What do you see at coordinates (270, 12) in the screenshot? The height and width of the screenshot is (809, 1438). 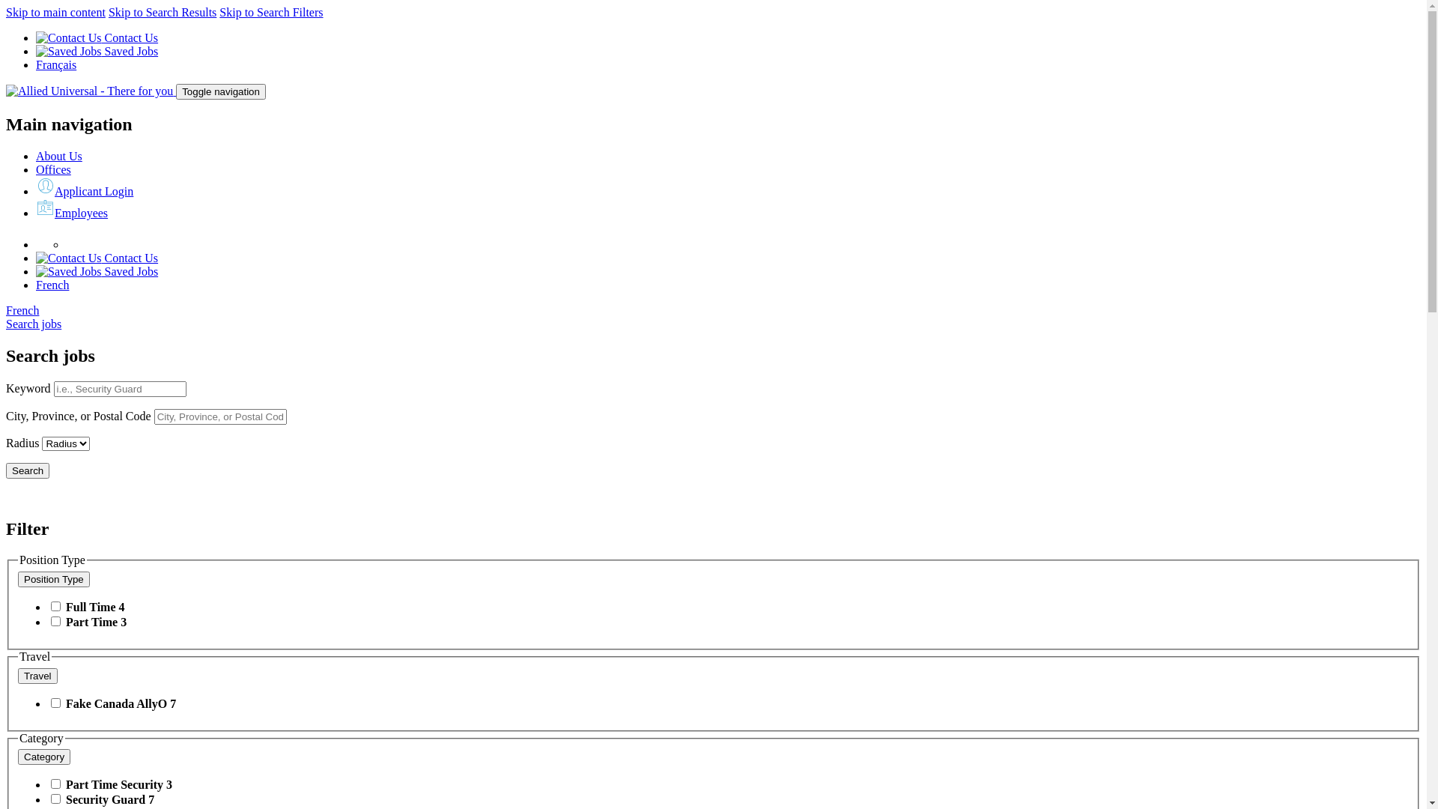 I see `'Skip to Search Filters'` at bounding box center [270, 12].